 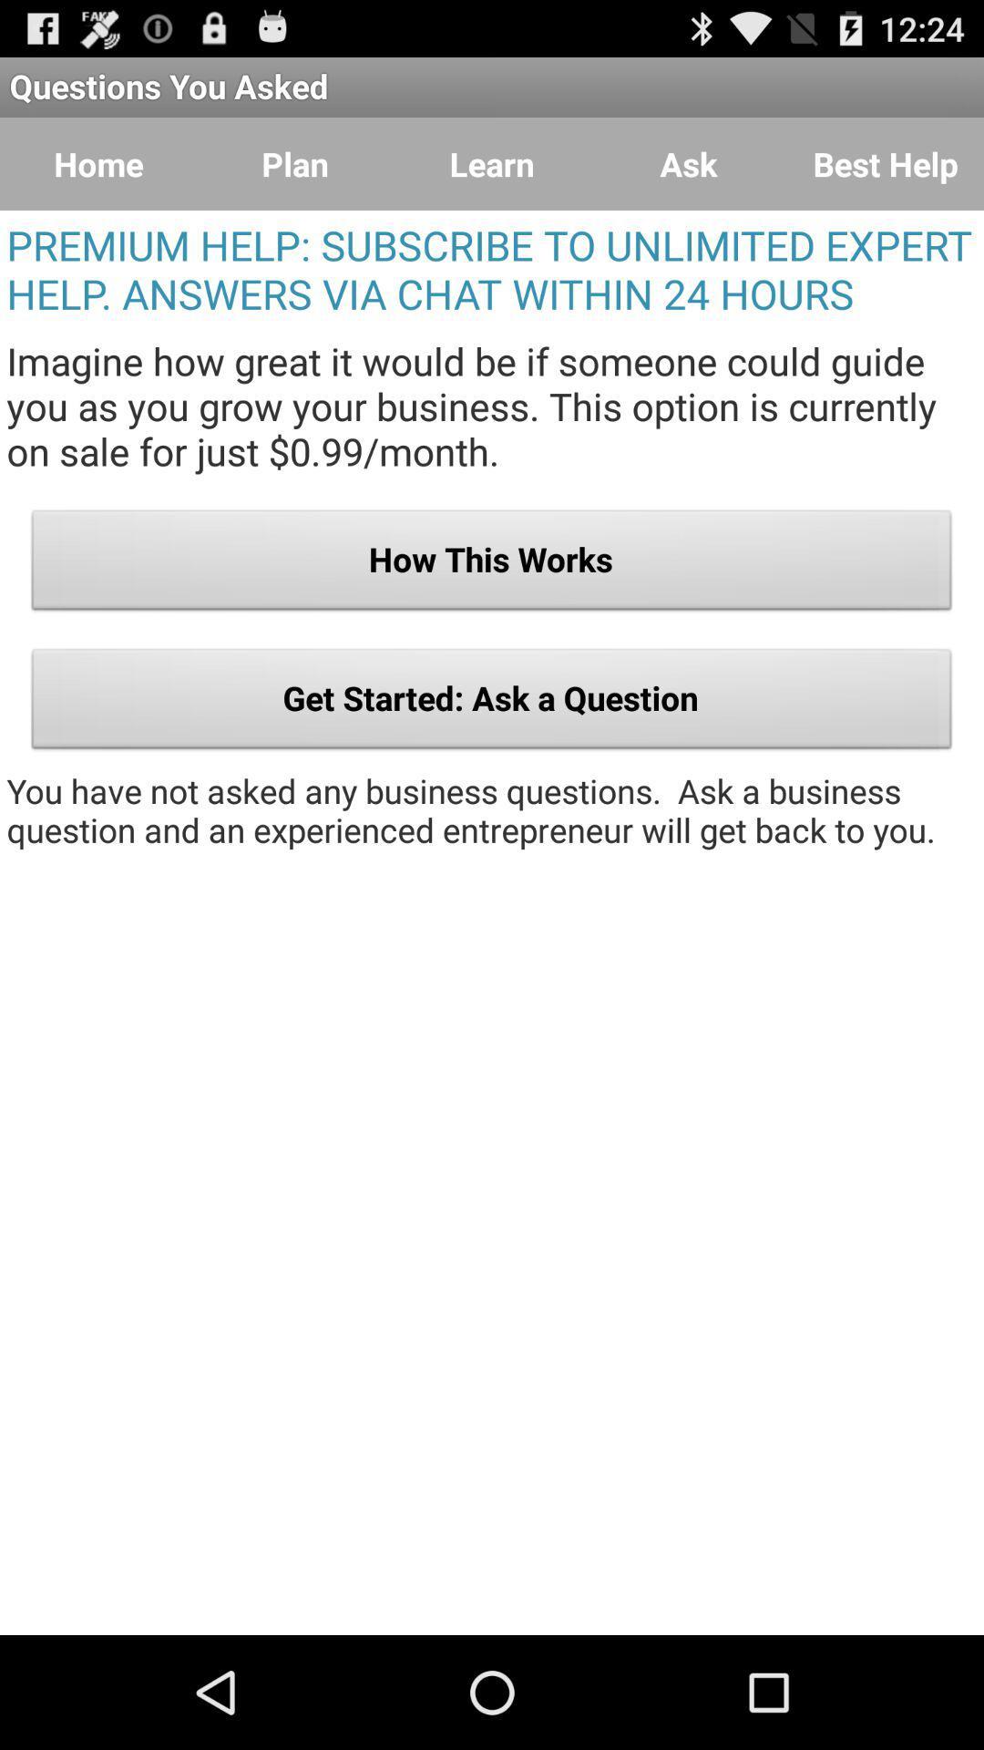 I want to click on the icon above the premium help subscribe icon, so click(x=294, y=164).